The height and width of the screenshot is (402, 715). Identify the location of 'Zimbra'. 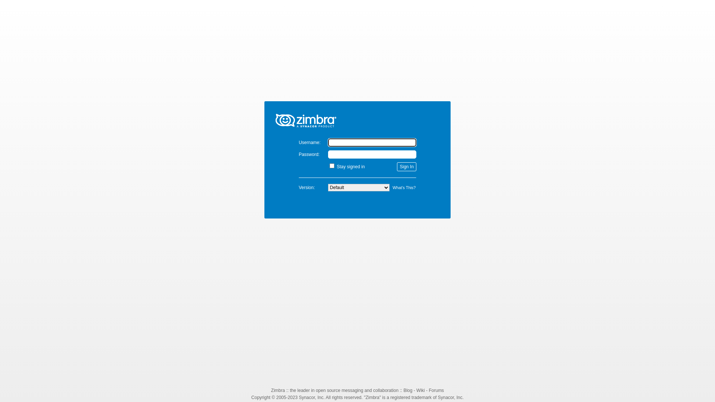
(277, 390).